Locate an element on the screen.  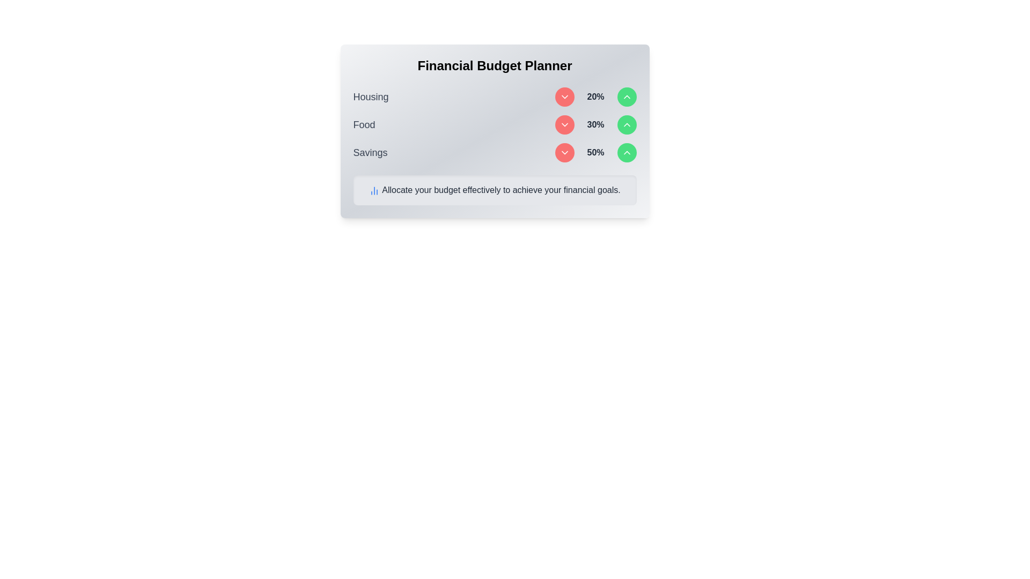
the percentage display label in the 'Housing' section of the 'Financial Budget Planner', located centrally between the red down arrow button and the green up arrow button is located at coordinates (595, 97).